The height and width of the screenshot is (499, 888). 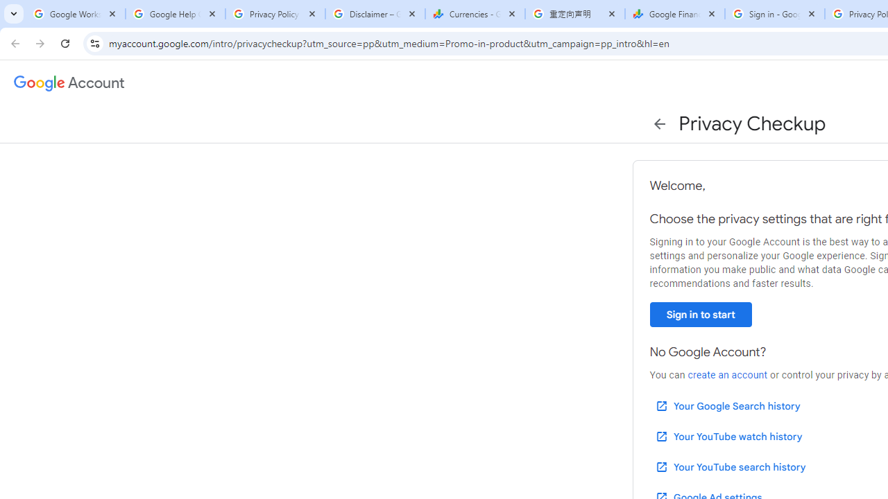 What do you see at coordinates (69, 83) in the screenshot?
I see `'Google Account settings'` at bounding box center [69, 83].